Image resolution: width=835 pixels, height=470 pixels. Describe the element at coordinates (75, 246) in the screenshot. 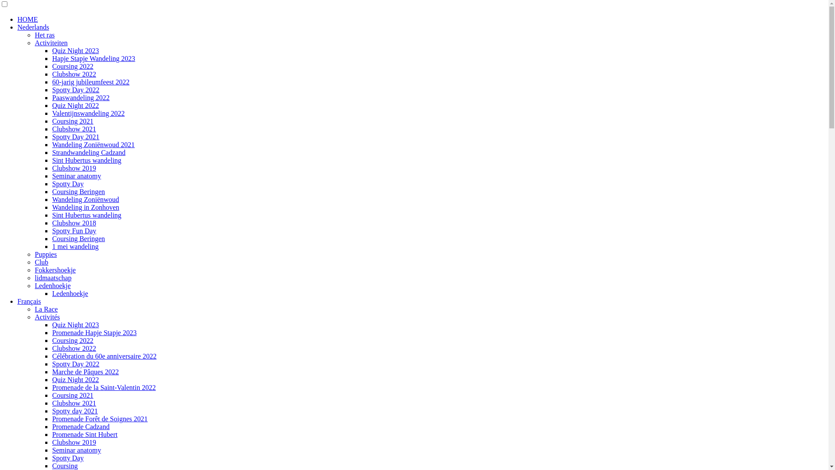

I see `'1 mei wandeling'` at that location.